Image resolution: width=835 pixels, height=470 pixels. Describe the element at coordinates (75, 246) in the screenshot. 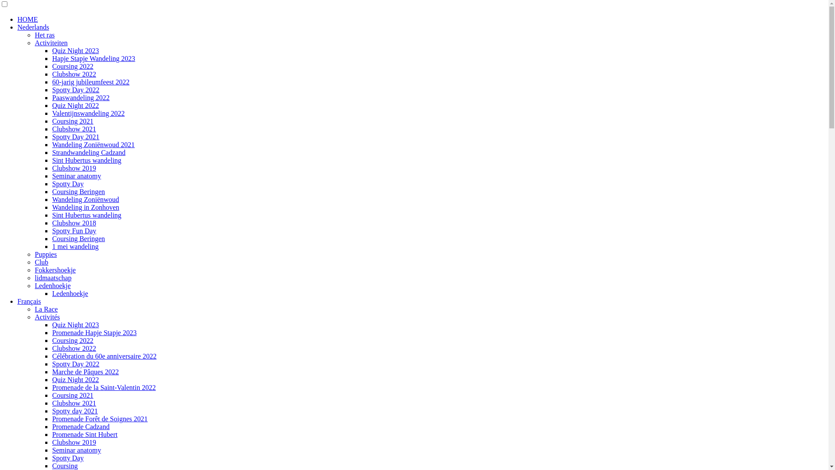

I see `'1 mei wandeling'` at that location.